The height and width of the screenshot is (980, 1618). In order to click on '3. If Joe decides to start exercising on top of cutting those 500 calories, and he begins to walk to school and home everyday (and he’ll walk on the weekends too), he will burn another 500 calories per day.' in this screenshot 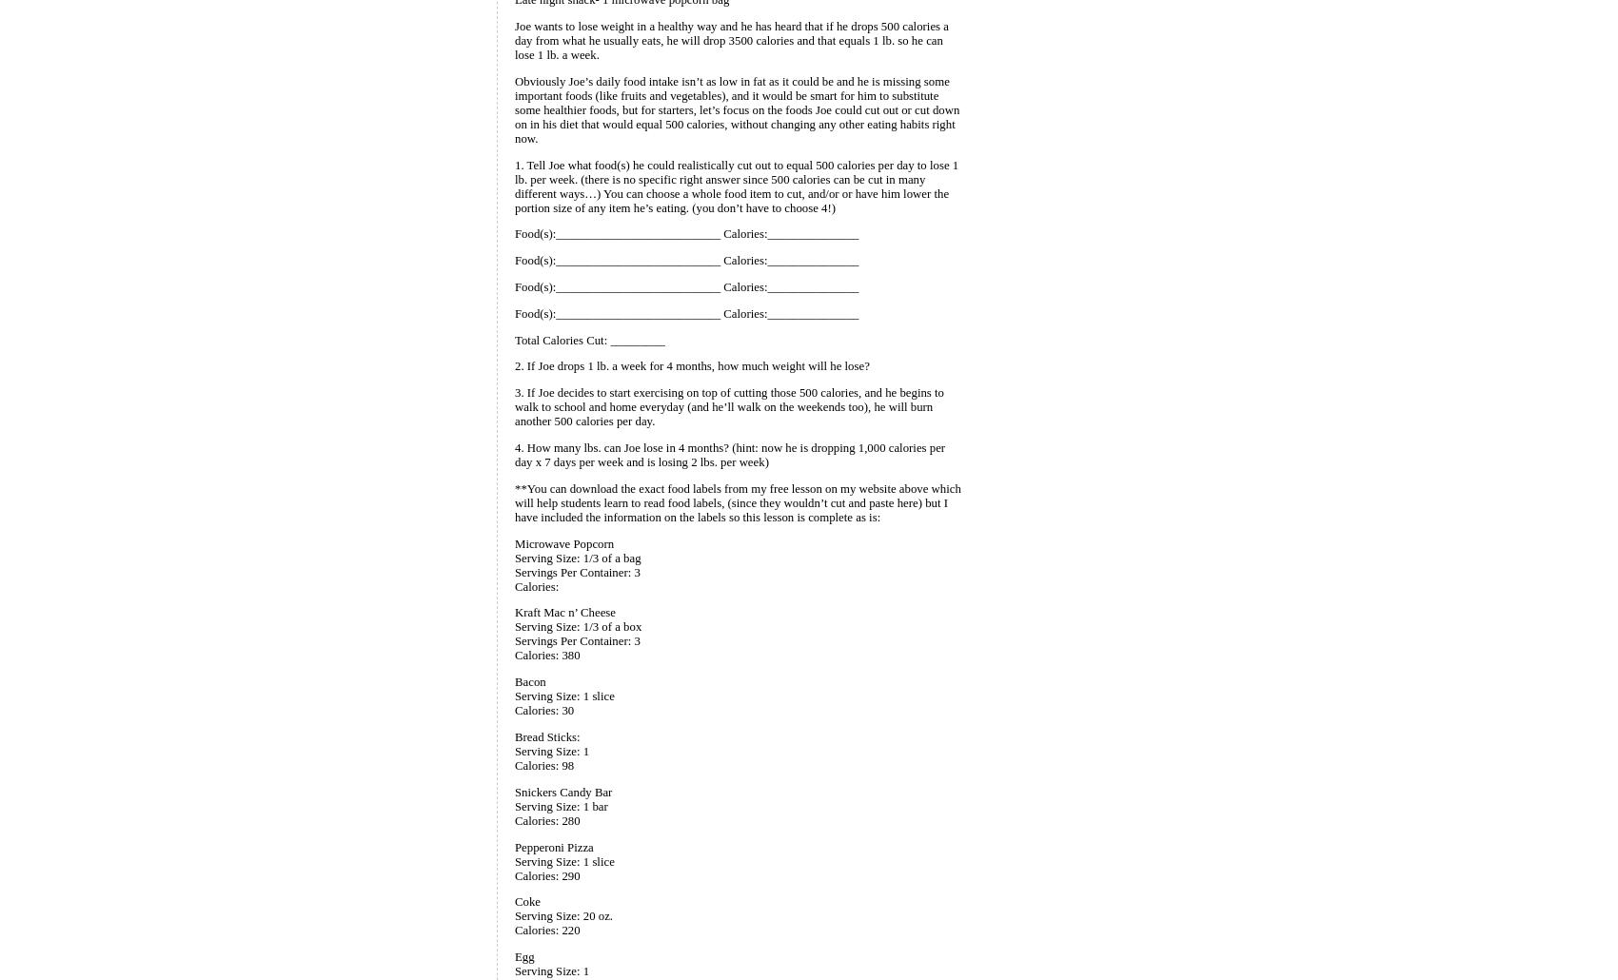, I will do `click(728, 406)`.